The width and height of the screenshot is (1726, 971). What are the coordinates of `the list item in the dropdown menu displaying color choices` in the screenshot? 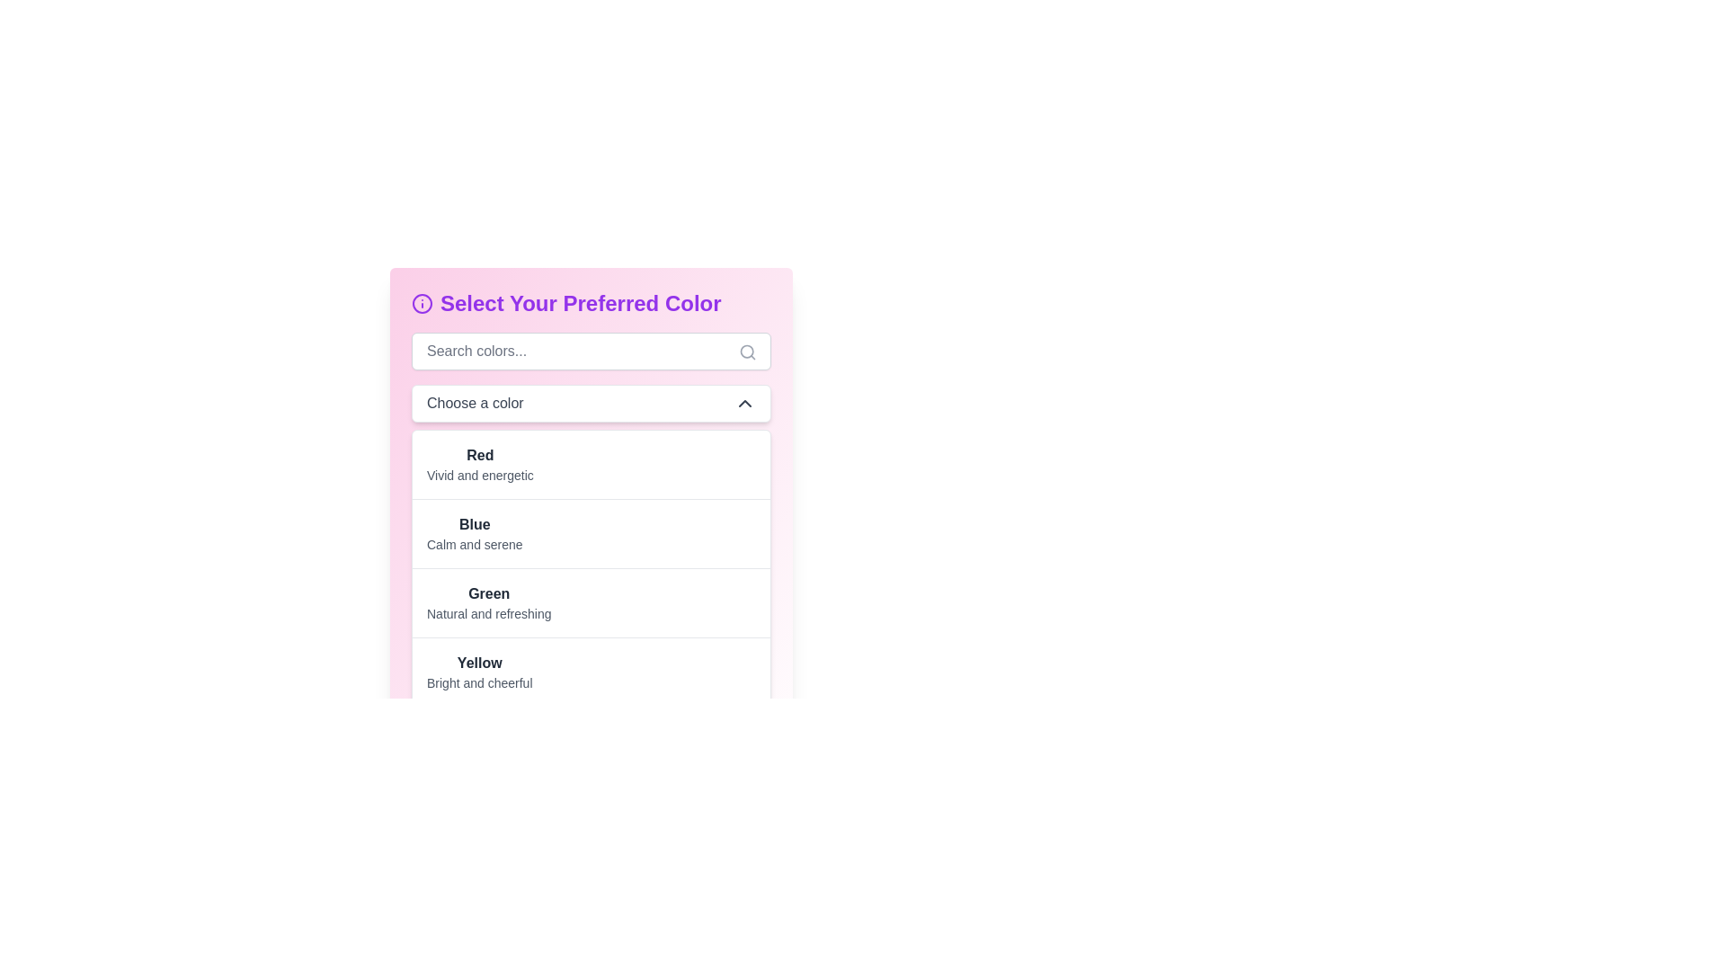 It's located at (591, 603).